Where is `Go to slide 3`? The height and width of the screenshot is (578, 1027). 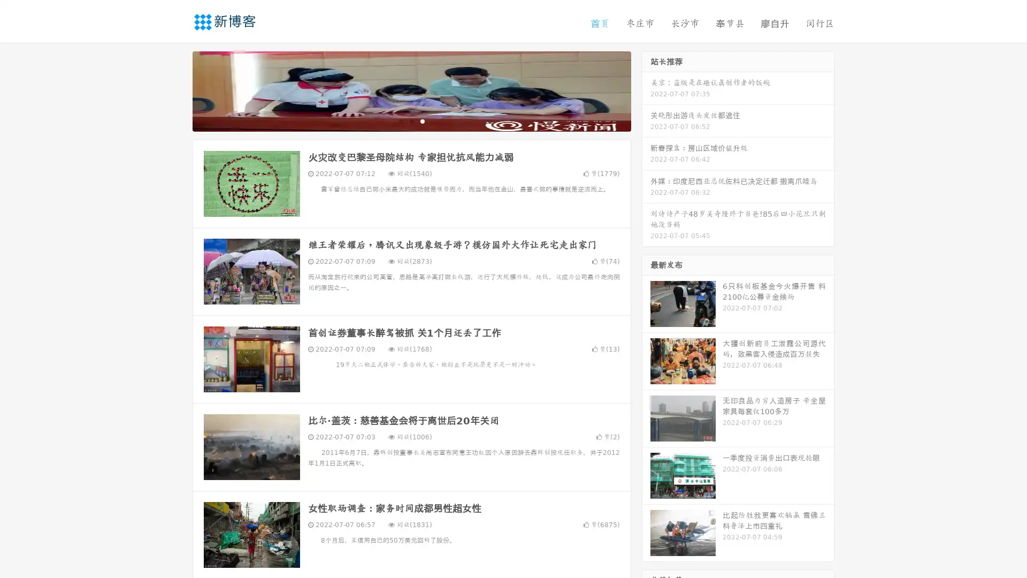
Go to slide 3 is located at coordinates (422, 120).